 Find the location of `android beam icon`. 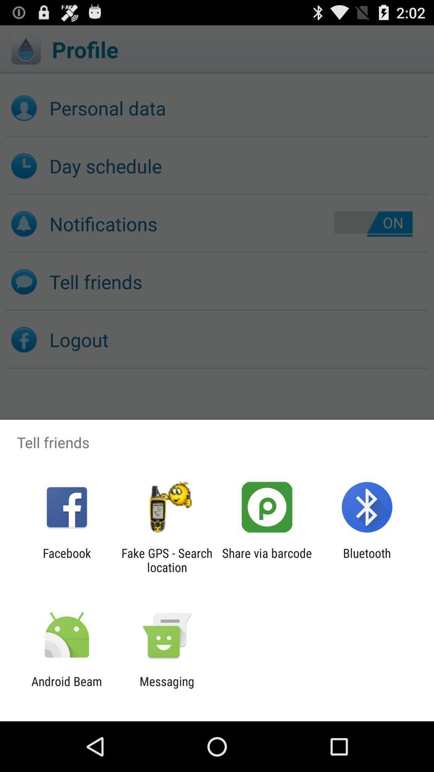

android beam icon is located at coordinates (66, 688).